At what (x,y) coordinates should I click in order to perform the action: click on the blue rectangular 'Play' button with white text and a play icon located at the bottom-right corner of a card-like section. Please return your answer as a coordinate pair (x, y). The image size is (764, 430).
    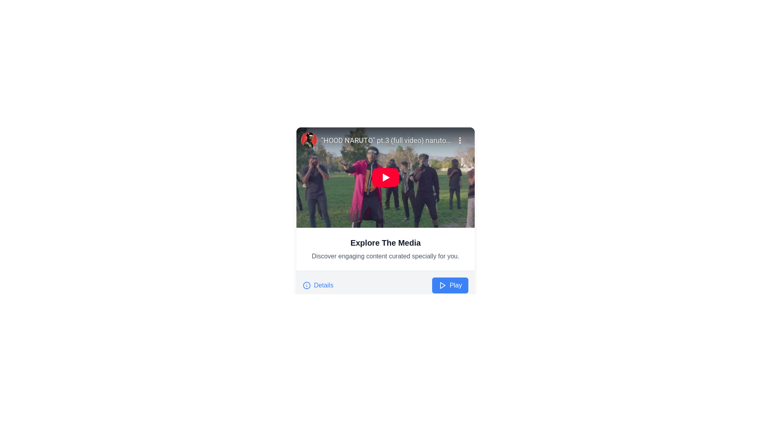
    Looking at the image, I should click on (450, 285).